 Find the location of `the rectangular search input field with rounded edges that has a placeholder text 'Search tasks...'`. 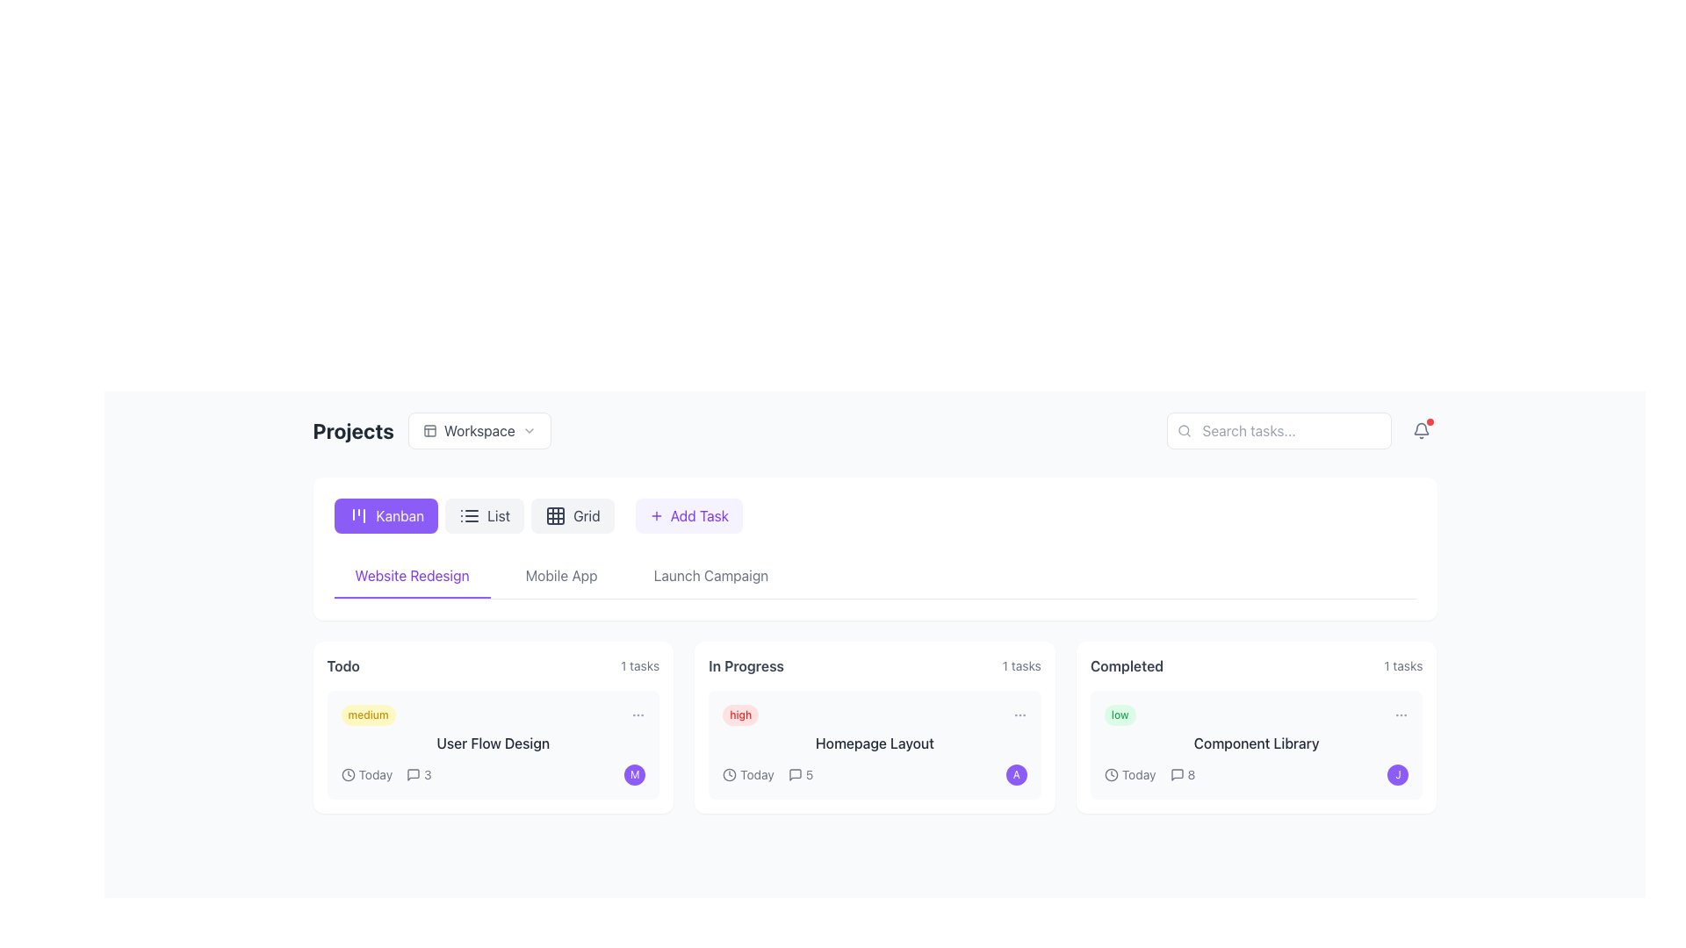

the rectangular search input field with rounded edges that has a placeholder text 'Search tasks...' is located at coordinates (1279, 430).